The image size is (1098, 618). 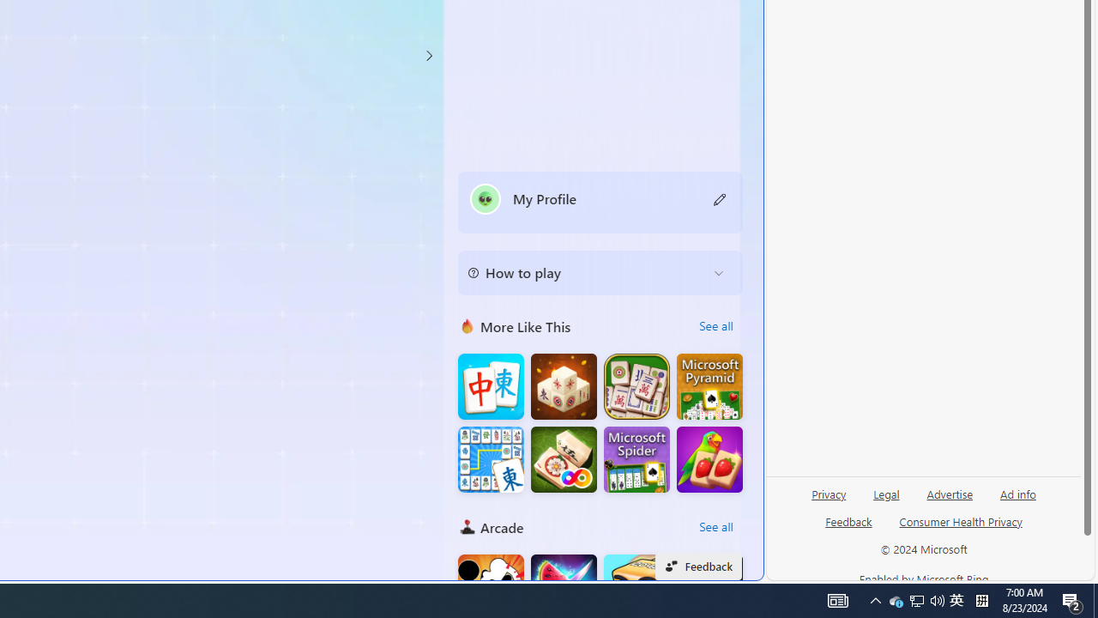 I want to click on 'Class: button edit-icon', so click(x=720, y=197).